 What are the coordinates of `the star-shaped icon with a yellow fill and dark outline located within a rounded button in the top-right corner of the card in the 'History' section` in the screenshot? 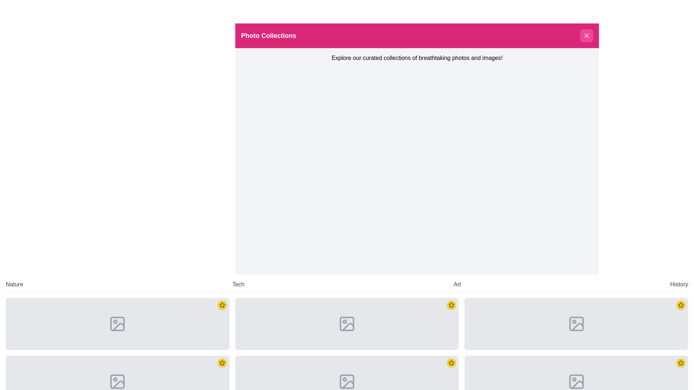 It's located at (680, 363).